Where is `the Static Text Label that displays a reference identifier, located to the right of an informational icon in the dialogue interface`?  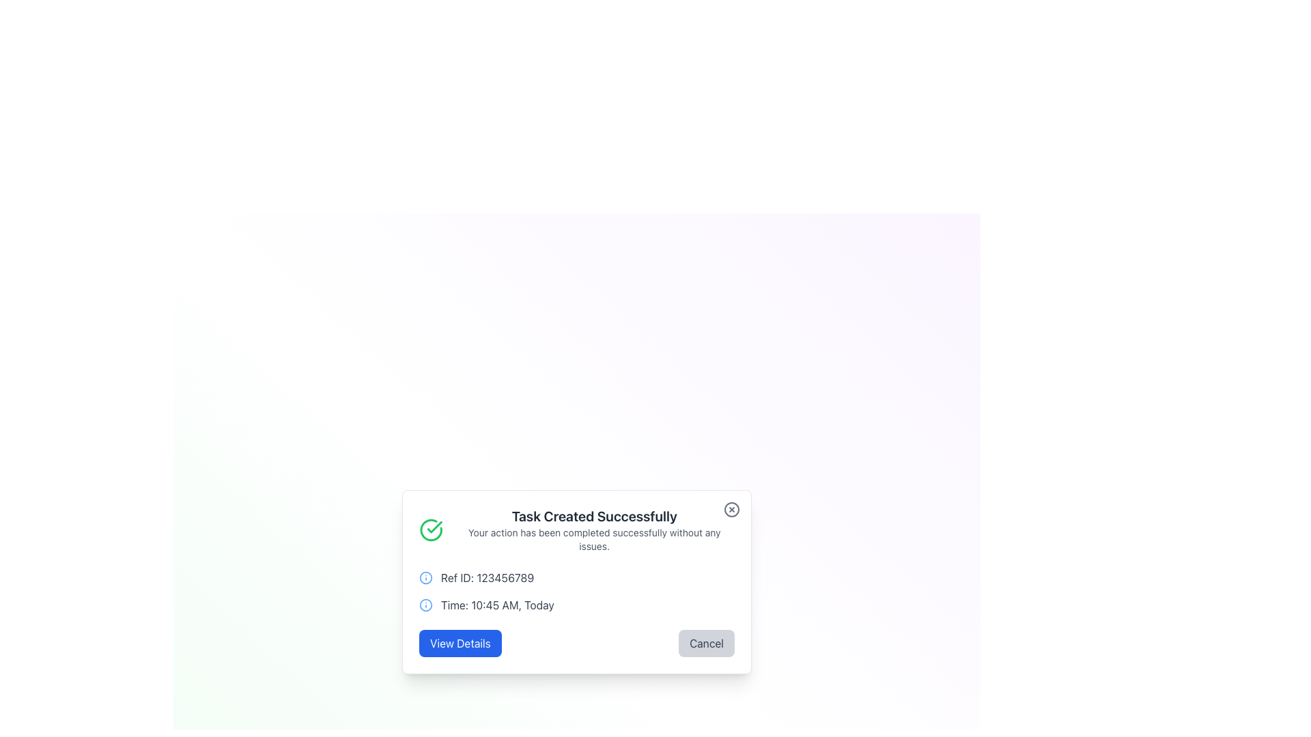 the Static Text Label that displays a reference identifier, located to the right of an informational icon in the dialogue interface is located at coordinates (488, 578).